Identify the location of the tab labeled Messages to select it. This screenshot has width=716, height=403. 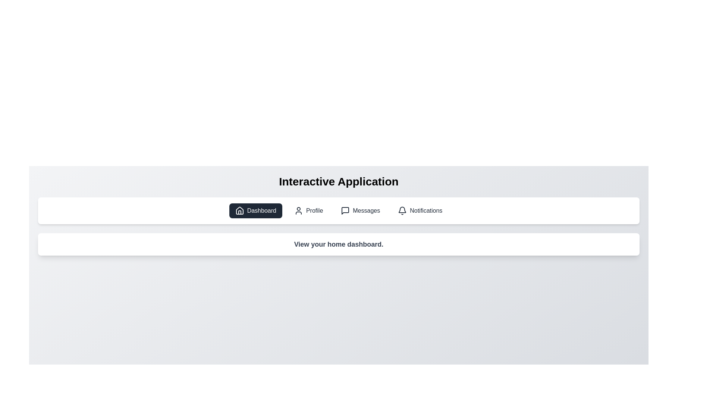
(360, 210).